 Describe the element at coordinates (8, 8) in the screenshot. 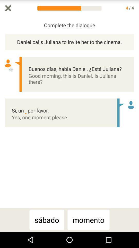

I see `the close icon` at that location.